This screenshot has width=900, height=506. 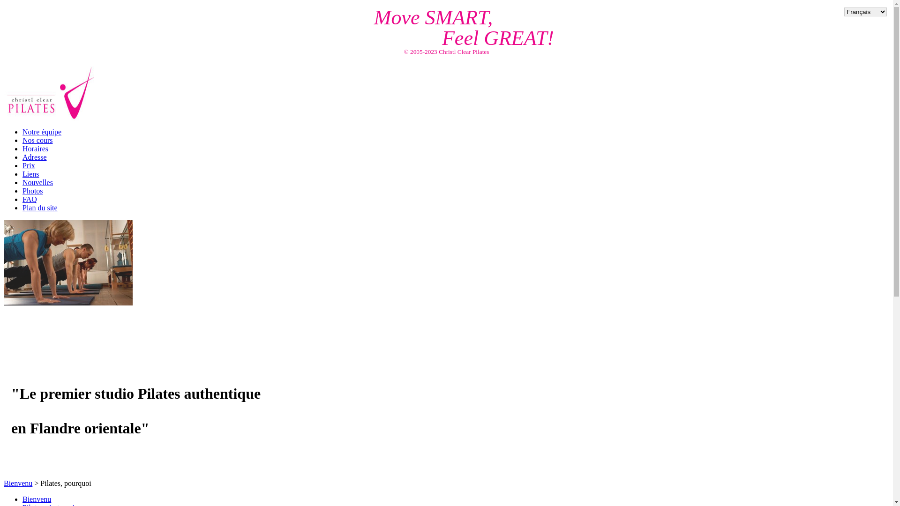 What do you see at coordinates (37, 182) in the screenshot?
I see `'Nouvelles'` at bounding box center [37, 182].